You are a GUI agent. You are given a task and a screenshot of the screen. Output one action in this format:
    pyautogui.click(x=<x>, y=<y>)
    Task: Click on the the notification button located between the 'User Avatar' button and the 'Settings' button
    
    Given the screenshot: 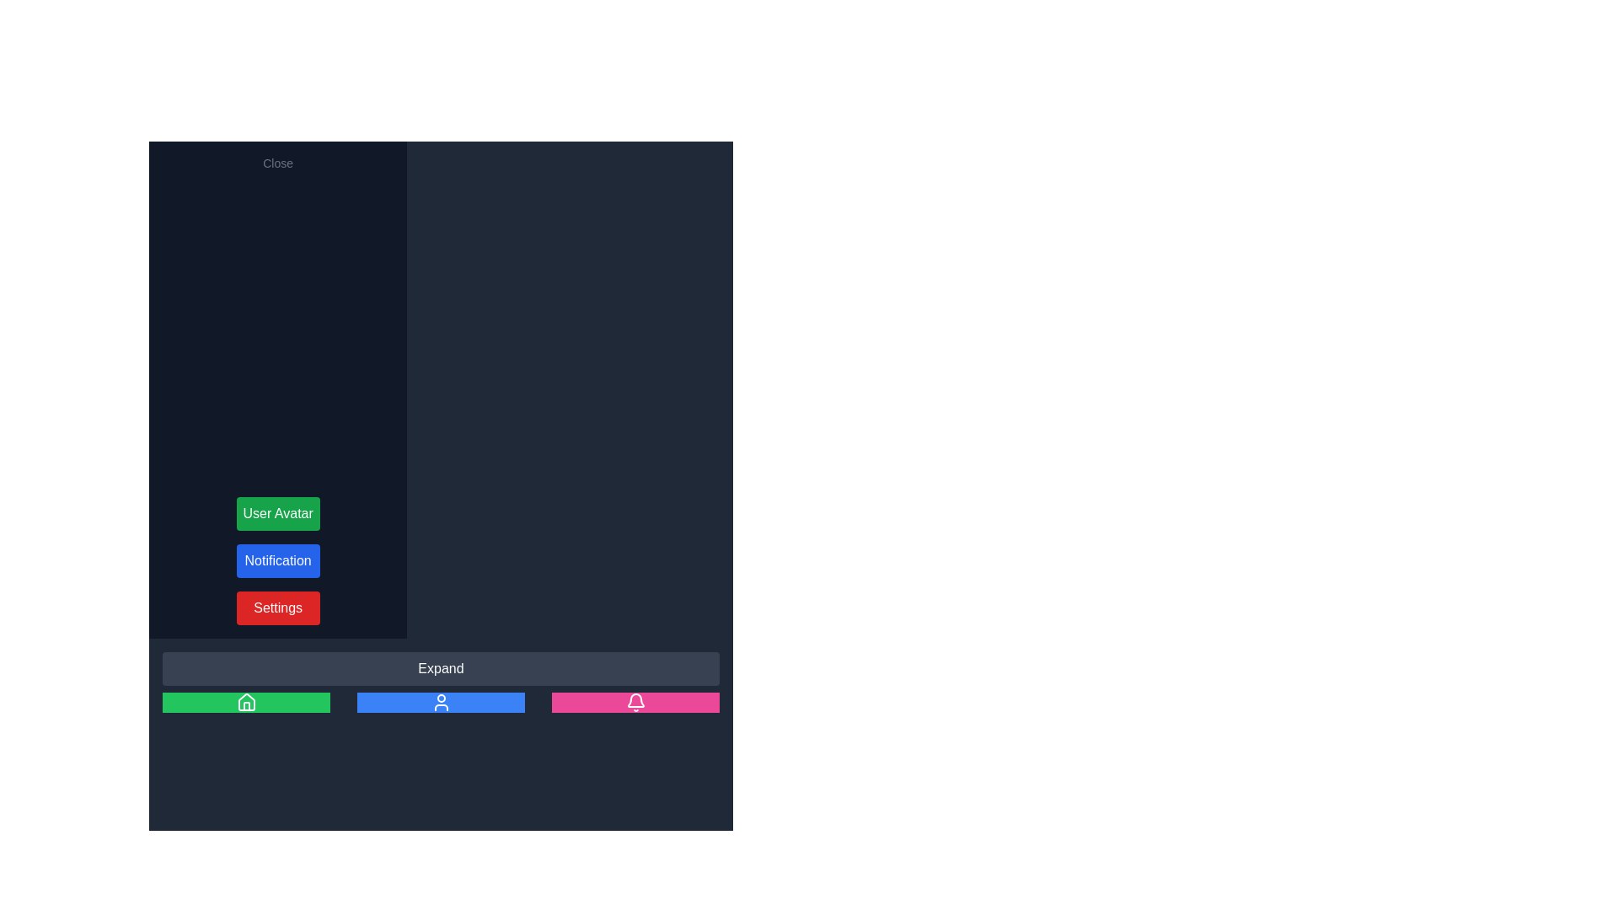 What is the action you would take?
    pyautogui.click(x=278, y=561)
    